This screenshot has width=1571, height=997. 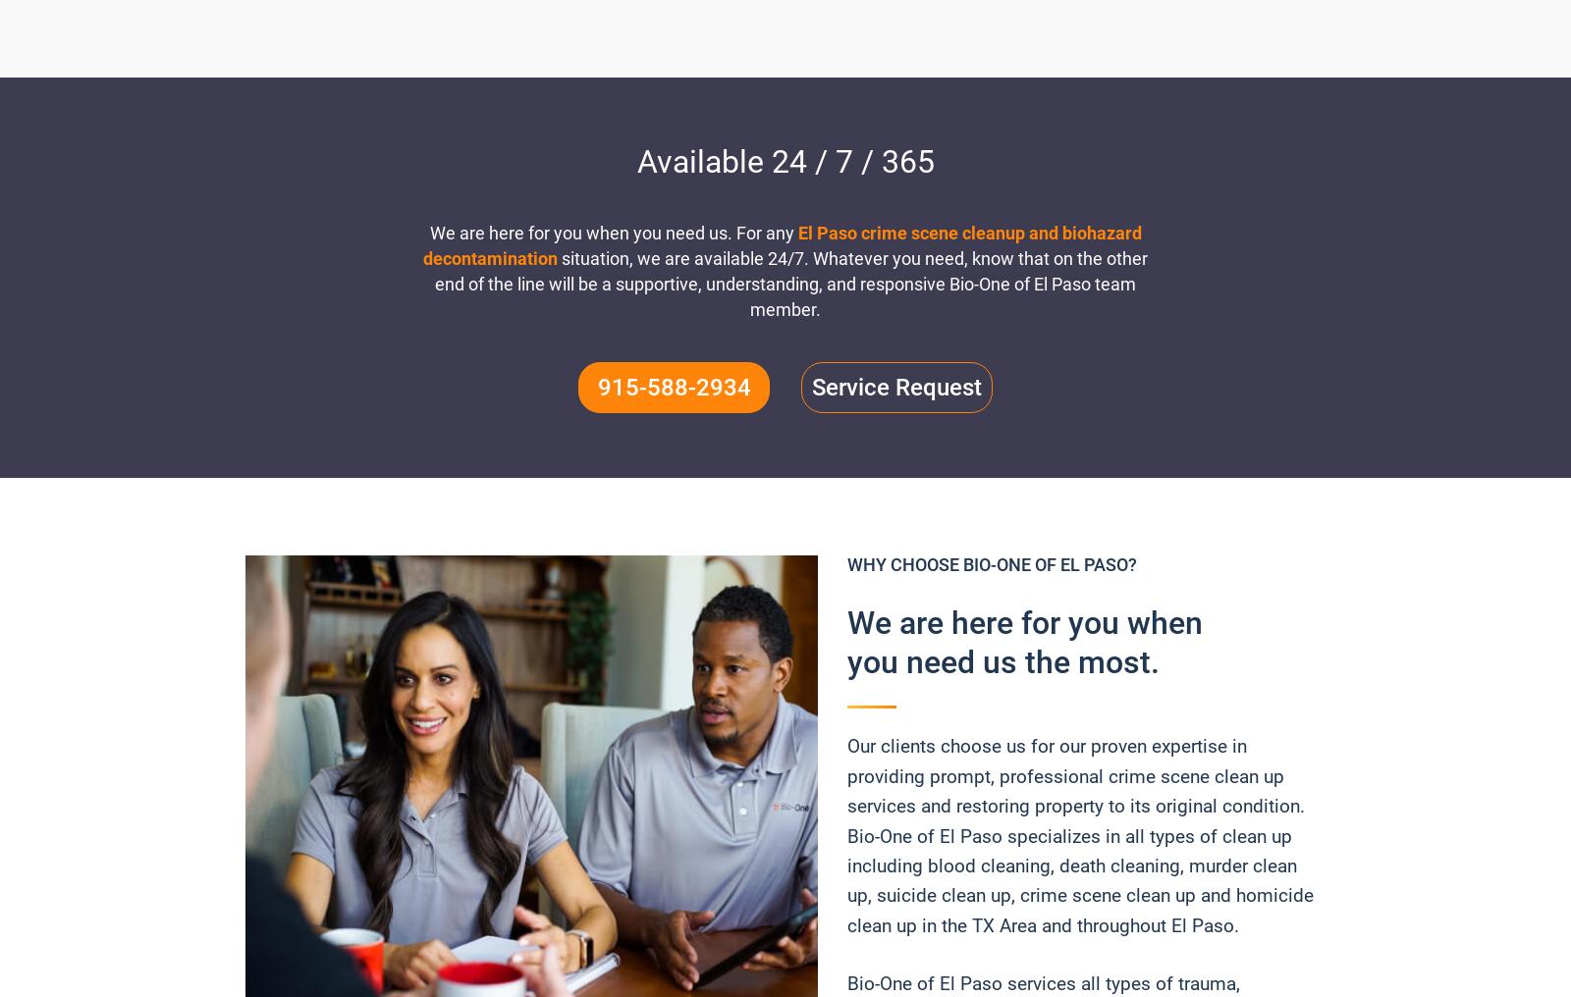 I want to click on 'We are here for you when', so click(x=1025, y=623).